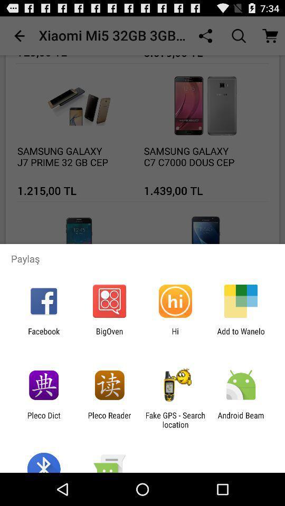 This screenshot has width=285, height=506. Describe the element at coordinates (175, 335) in the screenshot. I see `the icon to the right of bigoven icon` at that location.